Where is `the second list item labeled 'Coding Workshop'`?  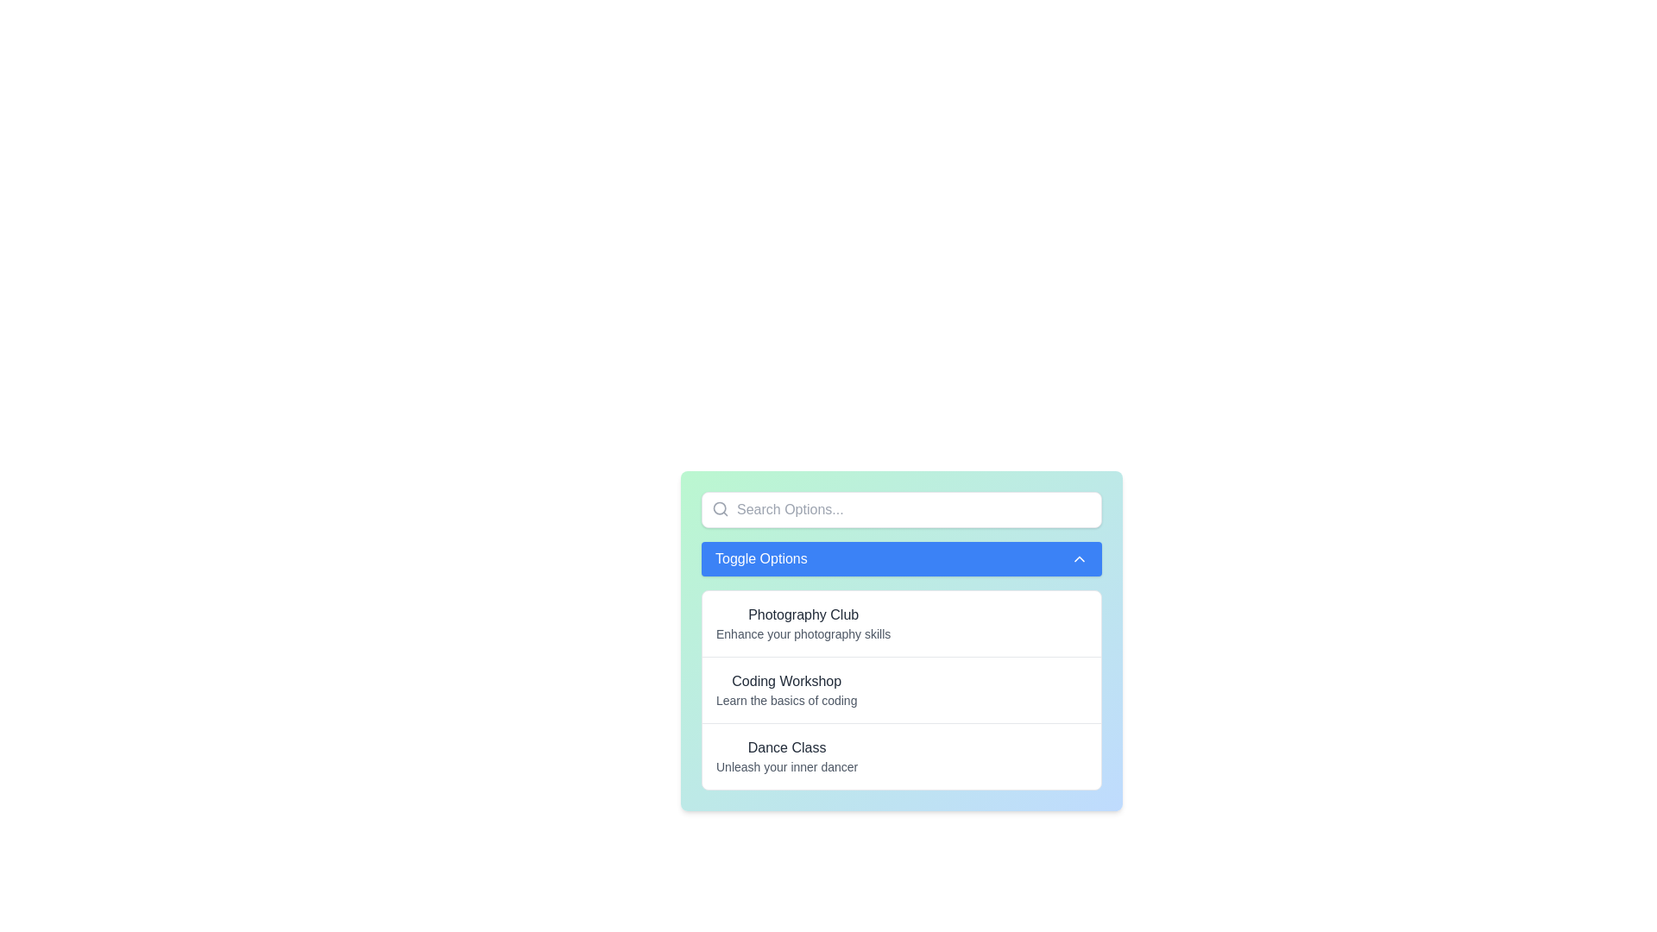
the second list item labeled 'Coding Workshop' is located at coordinates (901, 688).